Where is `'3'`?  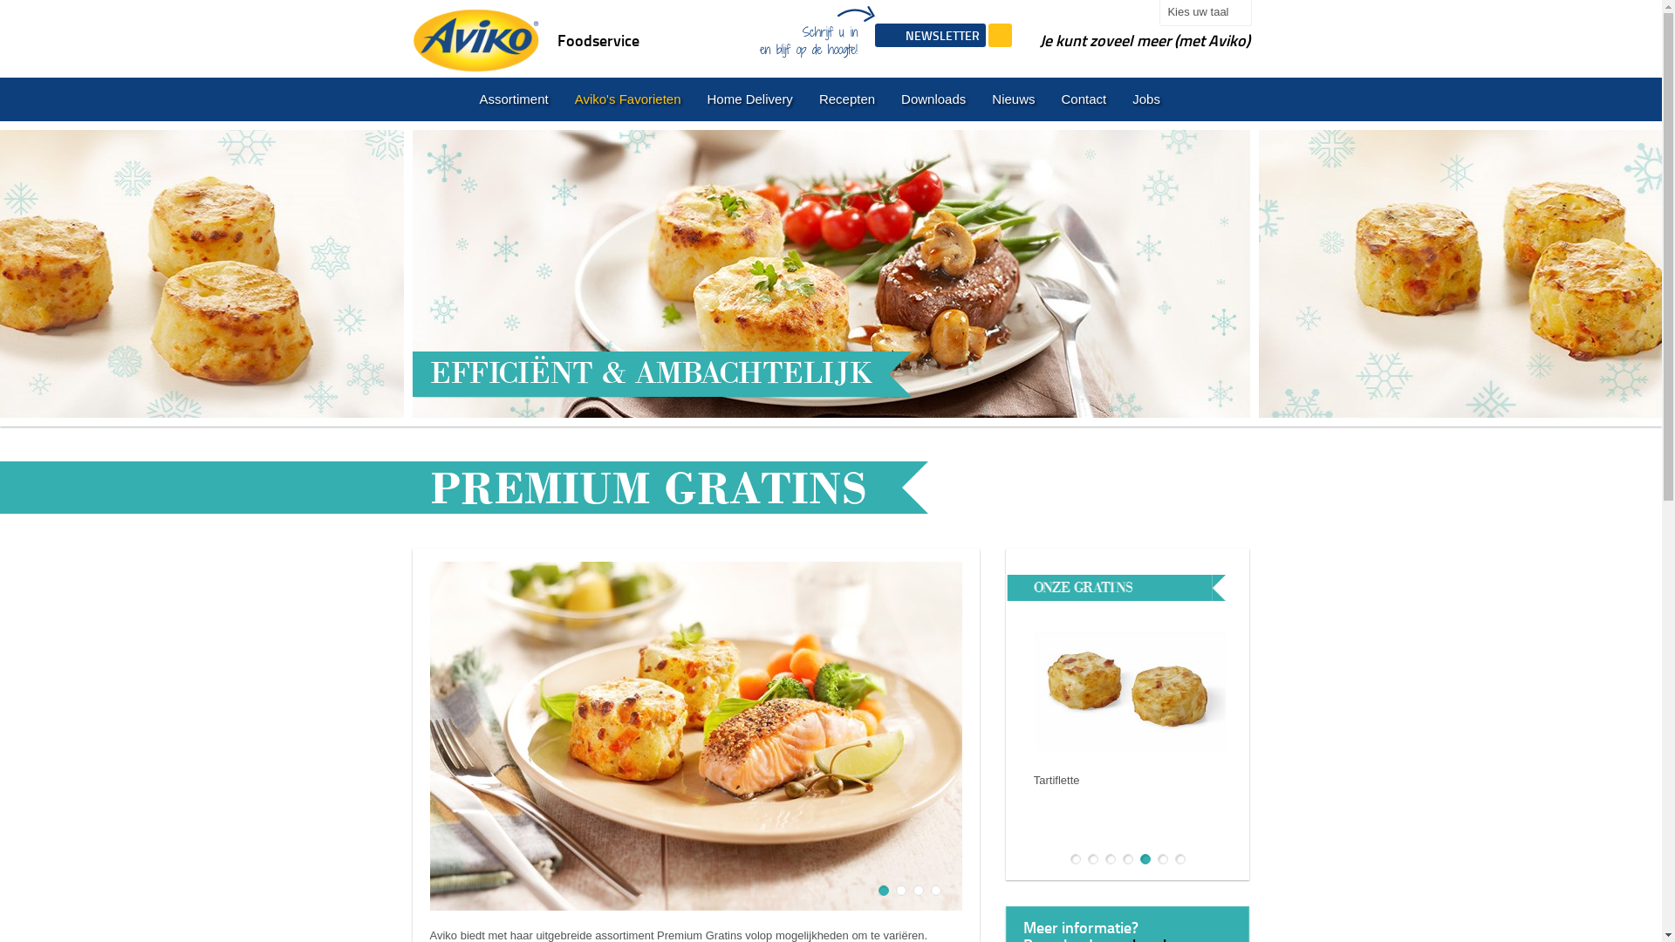
'3' is located at coordinates (917, 891).